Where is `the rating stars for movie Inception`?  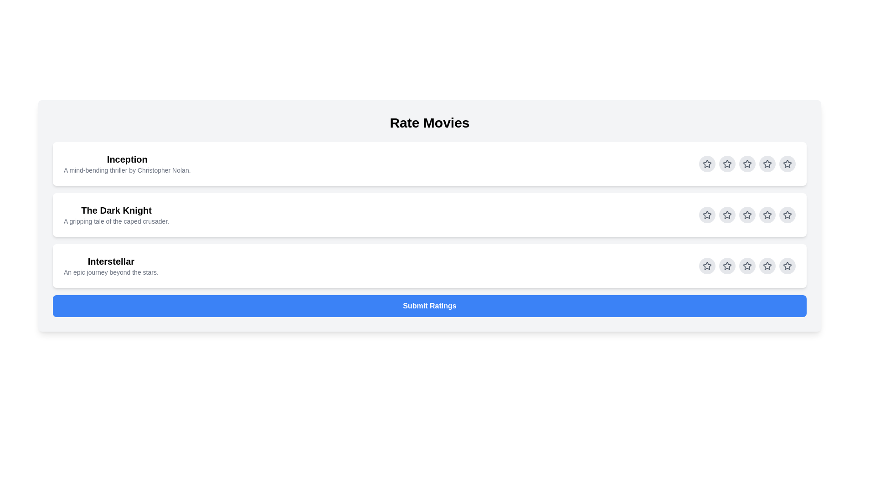 the rating stars for movie Inception is located at coordinates (706, 163).